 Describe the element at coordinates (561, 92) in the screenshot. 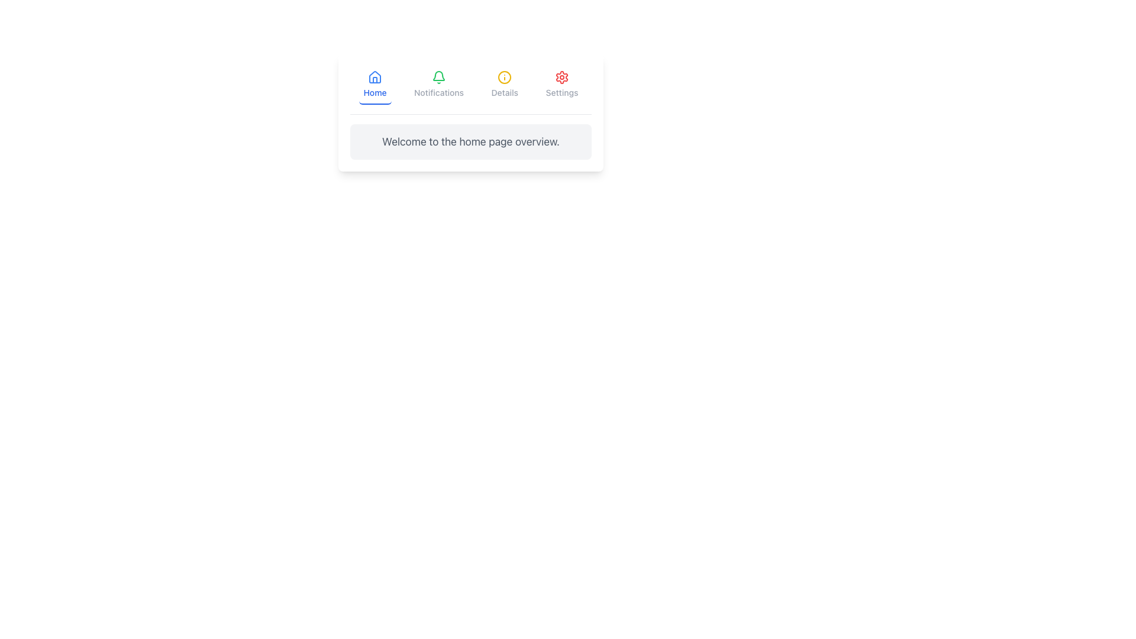

I see `the 'Settings' text label located in the navigation bar, which is positioned below a gear icon and is the fourth item from the left` at that location.